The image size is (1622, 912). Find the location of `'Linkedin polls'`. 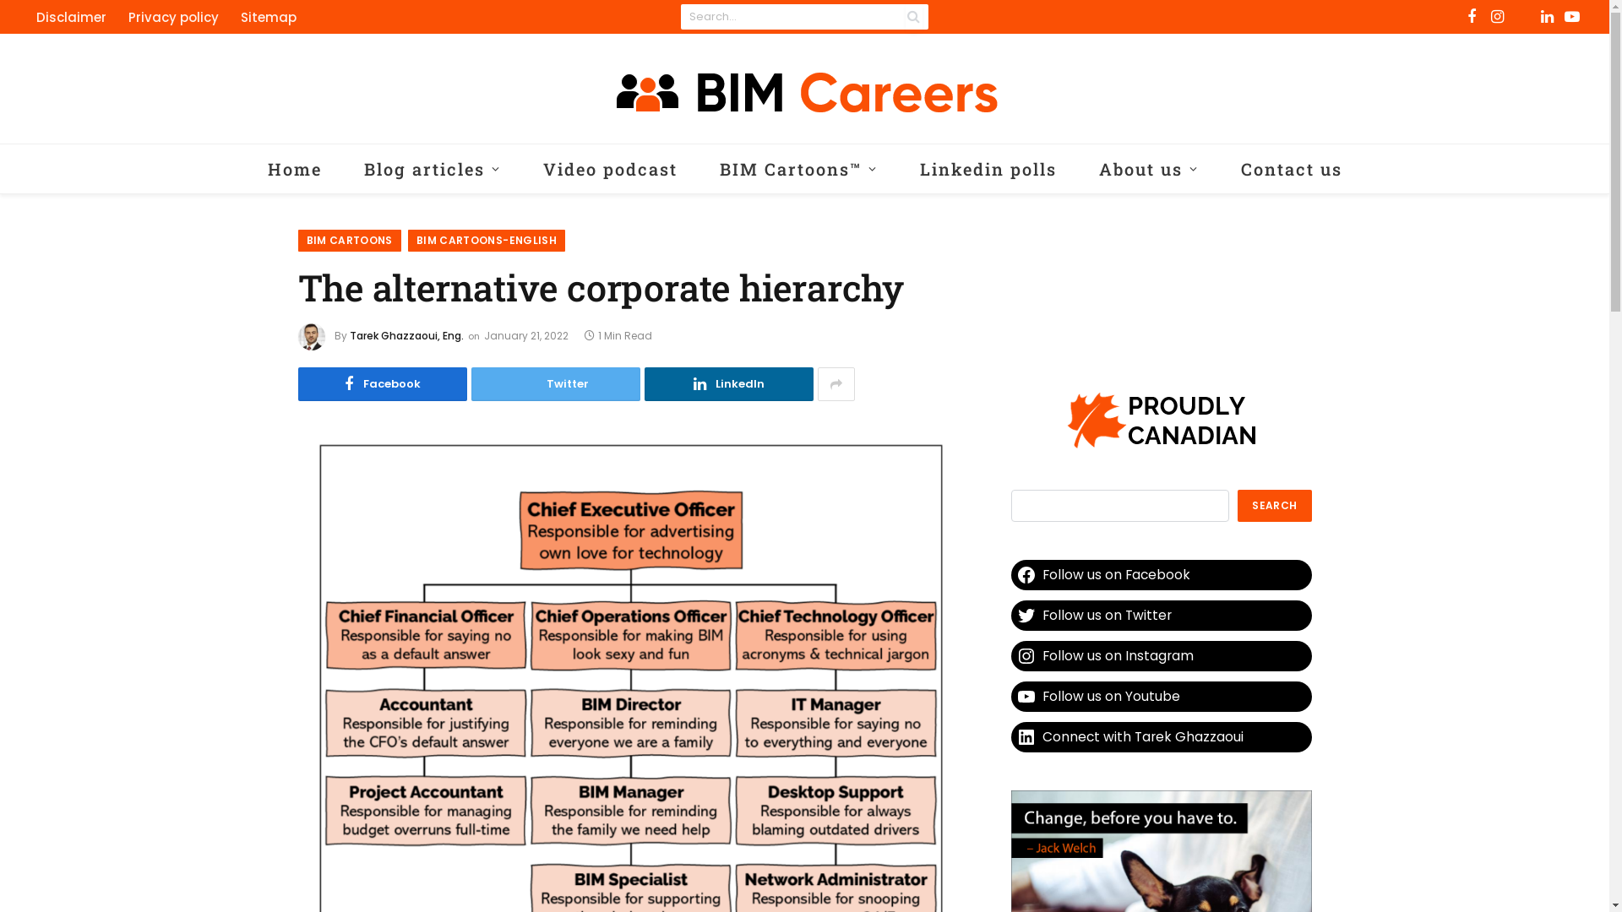

'Linkedin polls' is located at coordinates (988, 169).